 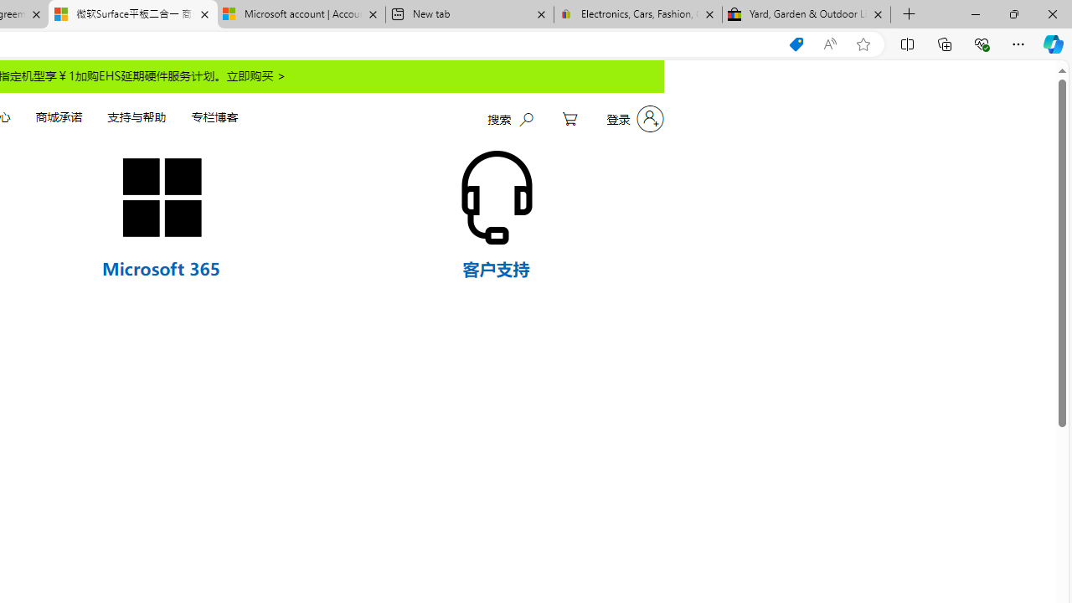 What do you see at coordinates (975, 13) in the screenshot?
I see `'Minimize'` at bounding box center [975, 13].